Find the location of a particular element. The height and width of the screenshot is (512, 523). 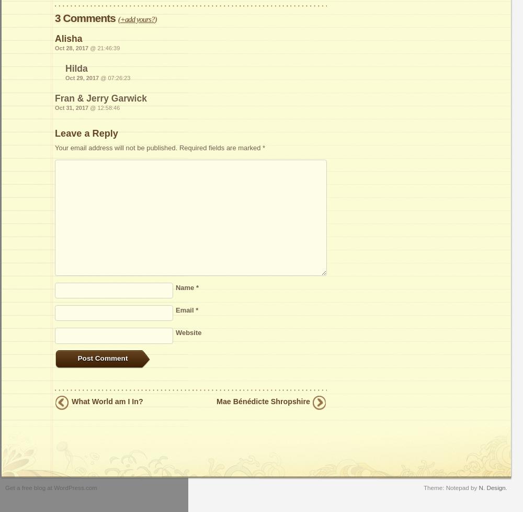

'Your email address will not be published.' is located at coordinates (116, 147).